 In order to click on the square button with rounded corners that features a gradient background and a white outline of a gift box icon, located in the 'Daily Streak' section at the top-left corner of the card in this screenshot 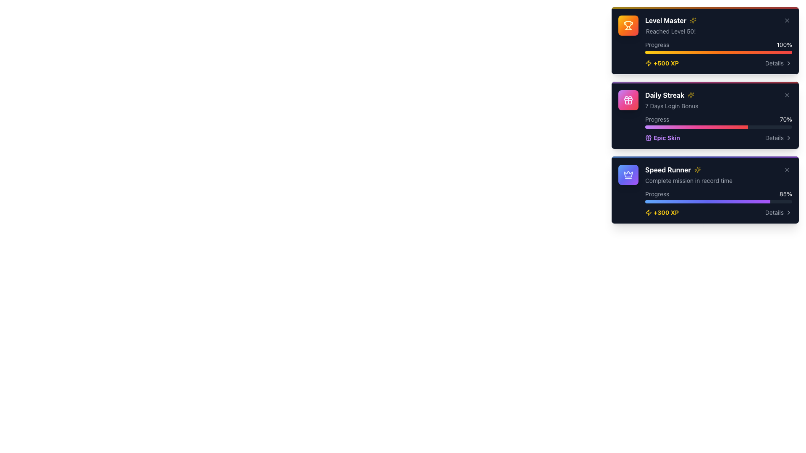, I will do `click(628, 100)`.